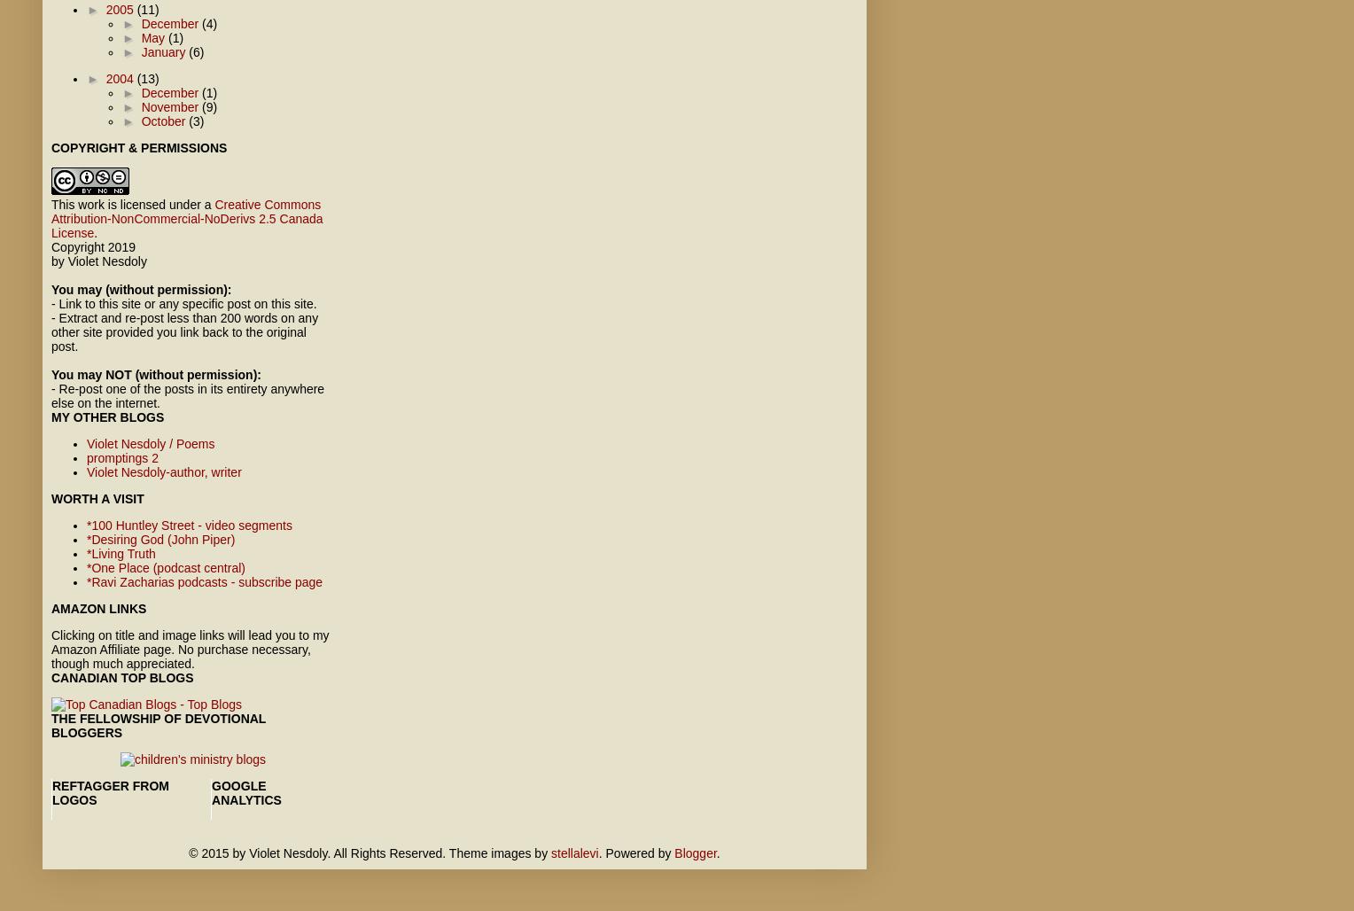 This screenshot has width=1354, height=911. I want to click on 'Clicking on title and image links will lead you to my Amazon Affiliate page. No purchase necessary, though much appreciated.', so click(189, 648).